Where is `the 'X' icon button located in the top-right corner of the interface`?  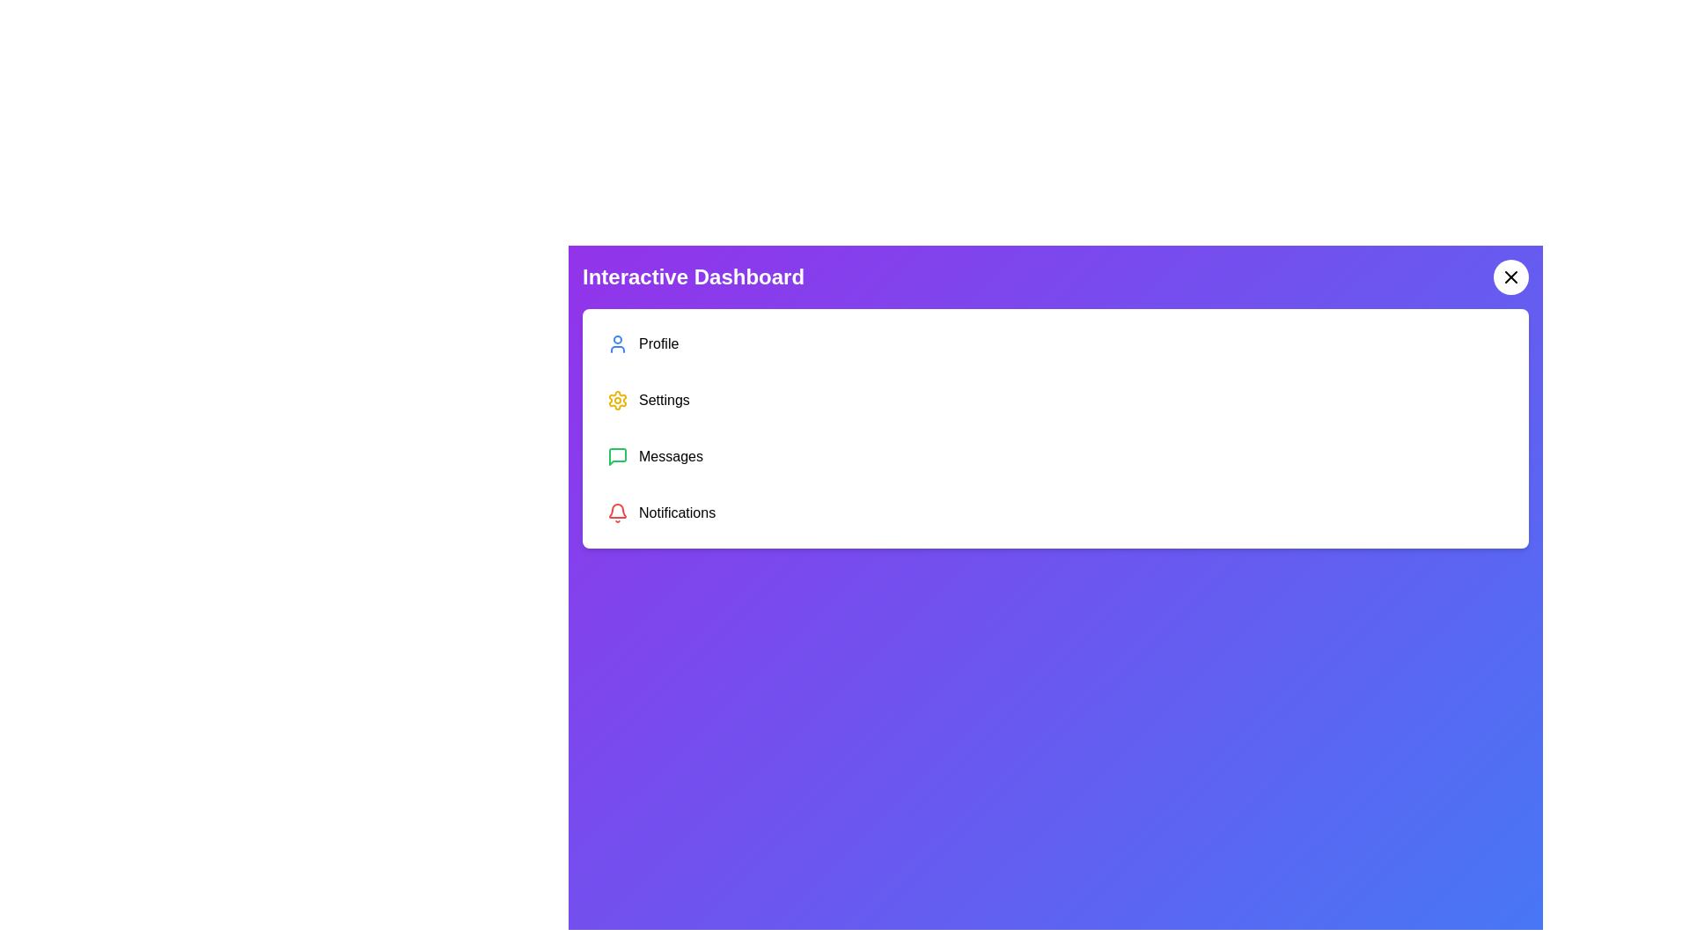 the 'X' icon button located in the top-right corner of the interface is located at coordinates (1510, 277).